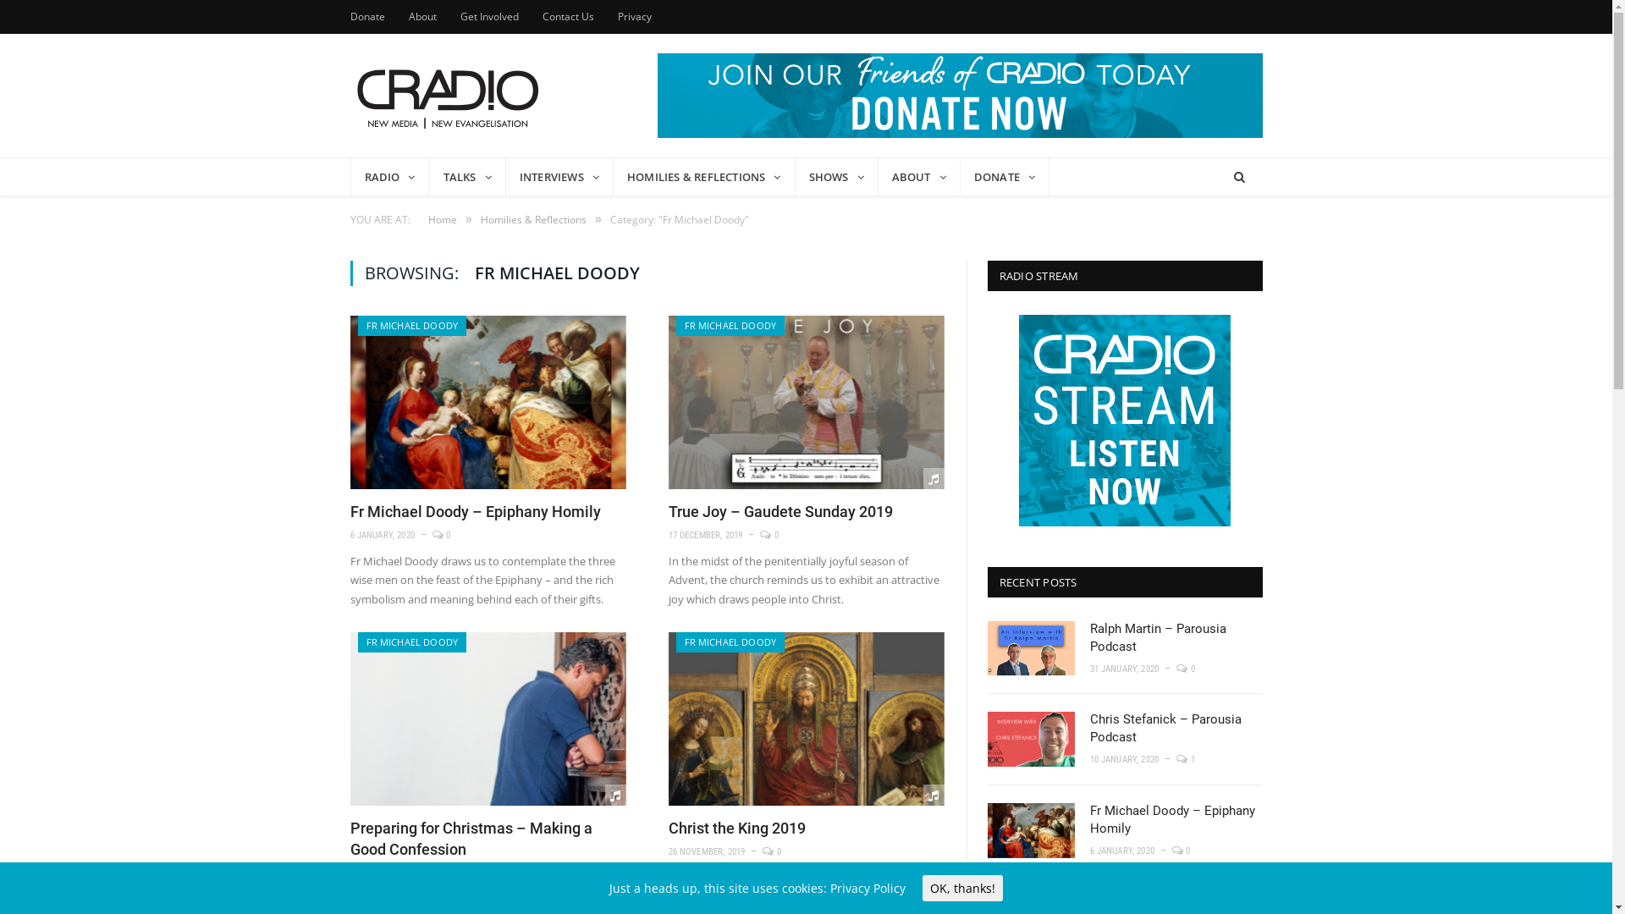 Image resolution: width=1625 pixels, height=914 pixels. What do you see at coordinates (366, 16) in the screenshot?
I see `'Donate'` at bounding box center [366, 16].